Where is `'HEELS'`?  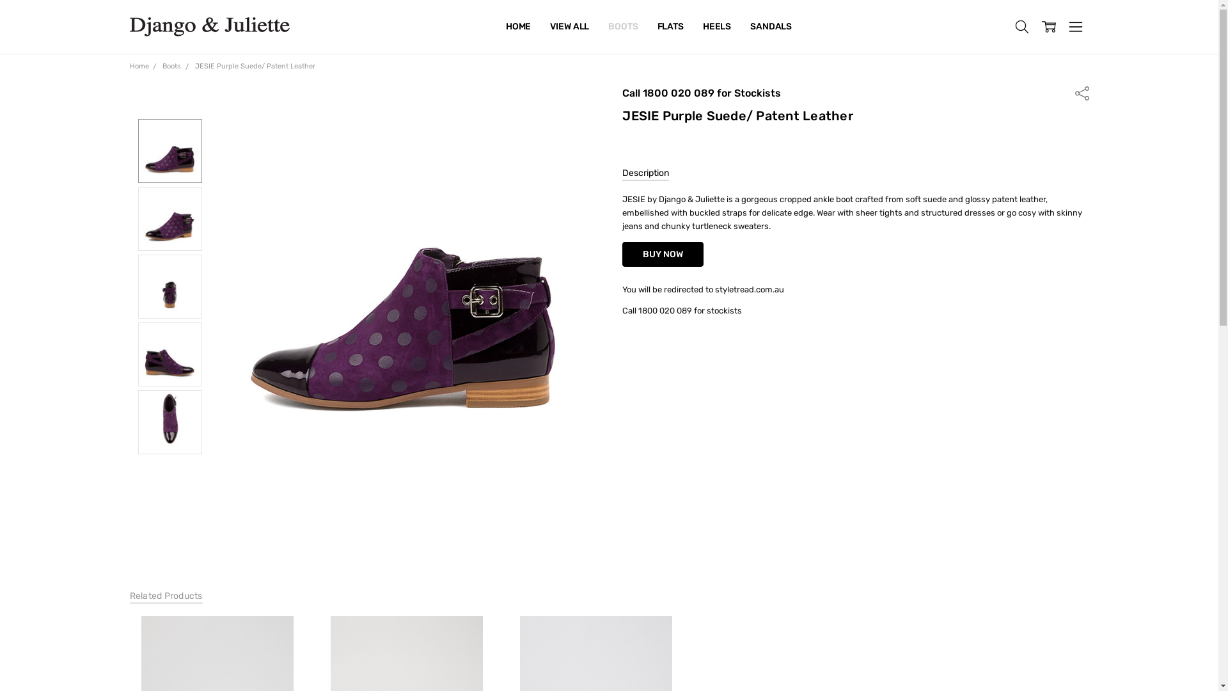 'HEELS' is located at coordinates (717, 27).